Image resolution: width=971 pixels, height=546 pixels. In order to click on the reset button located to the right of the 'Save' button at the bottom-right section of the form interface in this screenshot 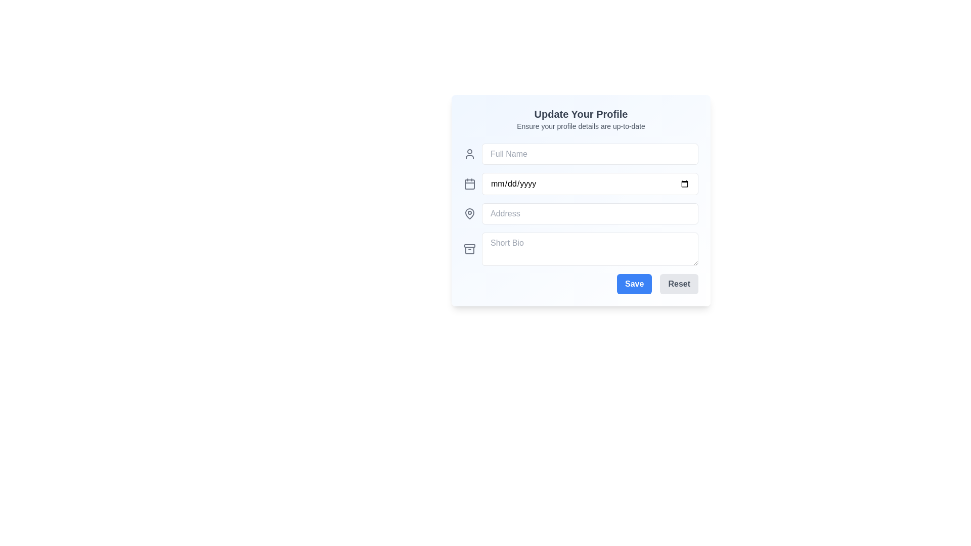, I will do `click(679, 284)`.